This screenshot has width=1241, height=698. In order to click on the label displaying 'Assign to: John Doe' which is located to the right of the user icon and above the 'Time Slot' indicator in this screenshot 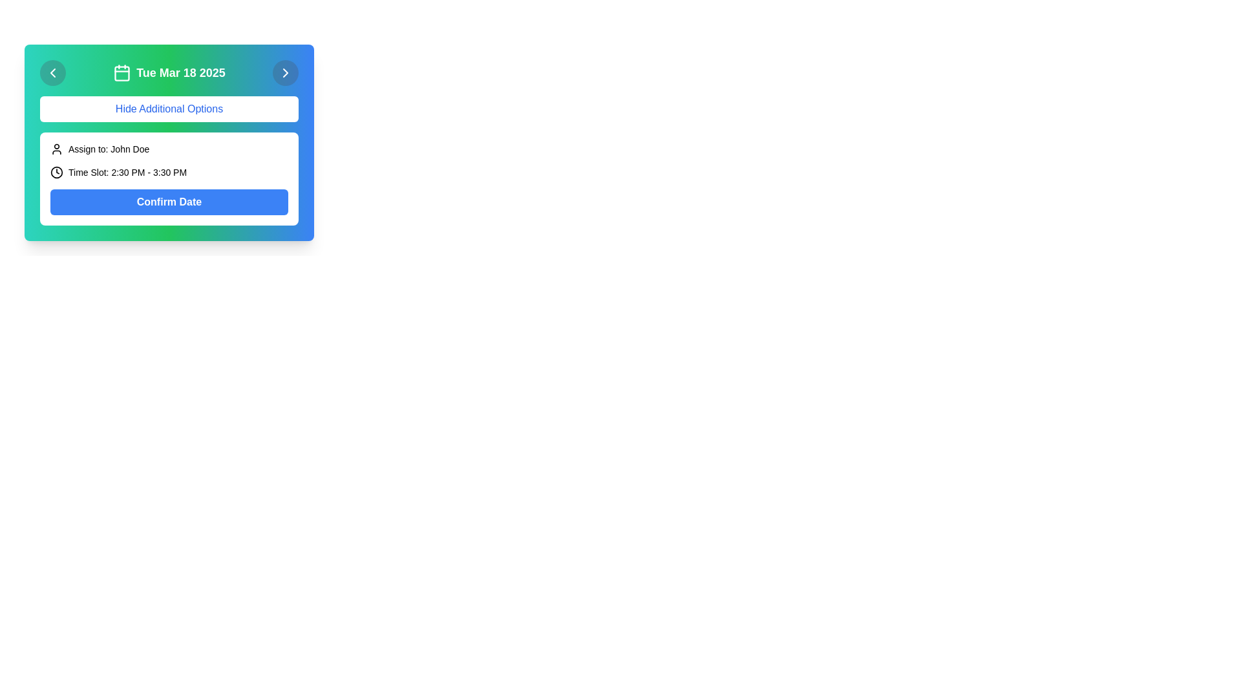, I will do `click(109, 149)`.